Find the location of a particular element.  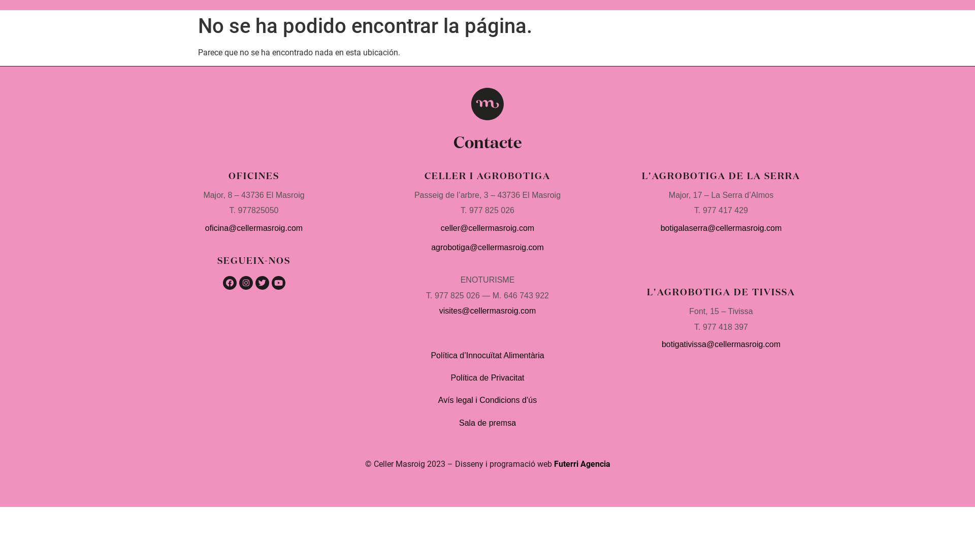

'Futerri Agencia' is located at coordinates (581, 464).